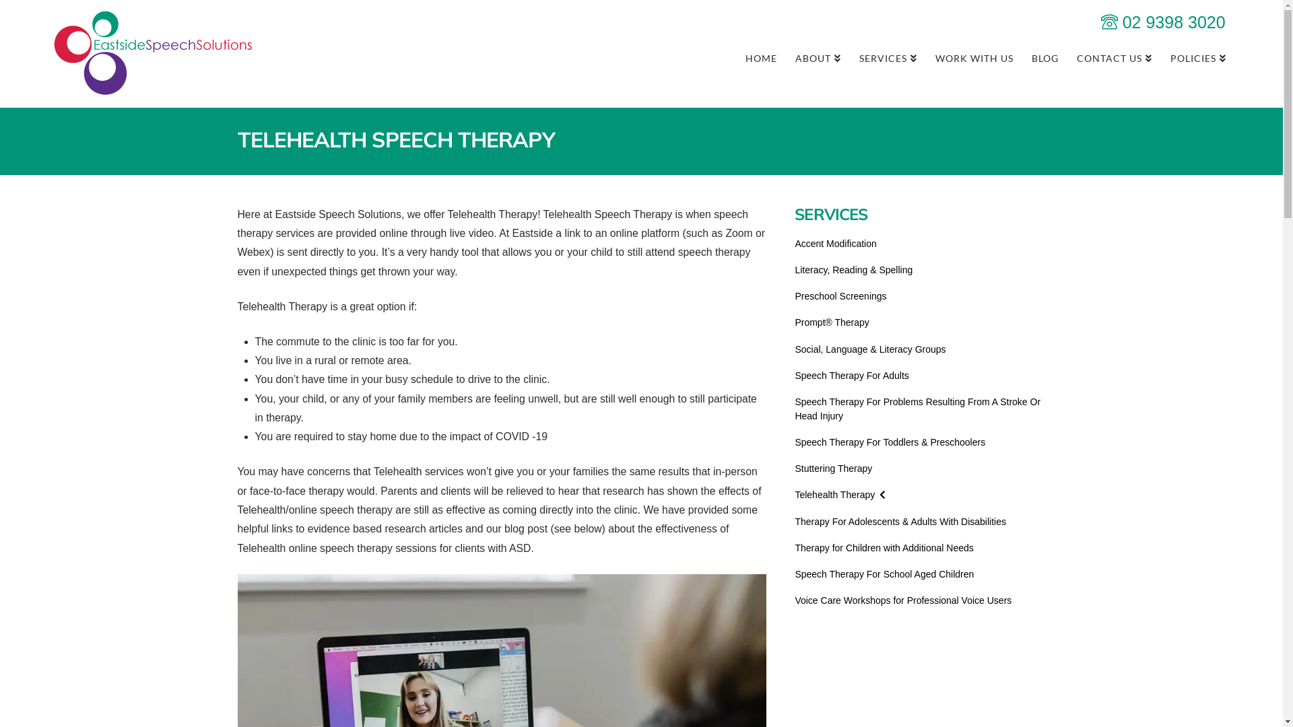 The width and height of the screenshot is (1293, 727). What do you see at coordinates (839, 495) in the screenshot?
I see `'Telehealth Therapy'` at bounding box center [839, 495].